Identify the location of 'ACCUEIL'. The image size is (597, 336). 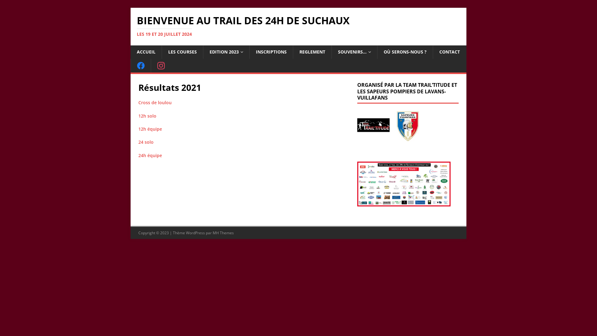
(146, 51).